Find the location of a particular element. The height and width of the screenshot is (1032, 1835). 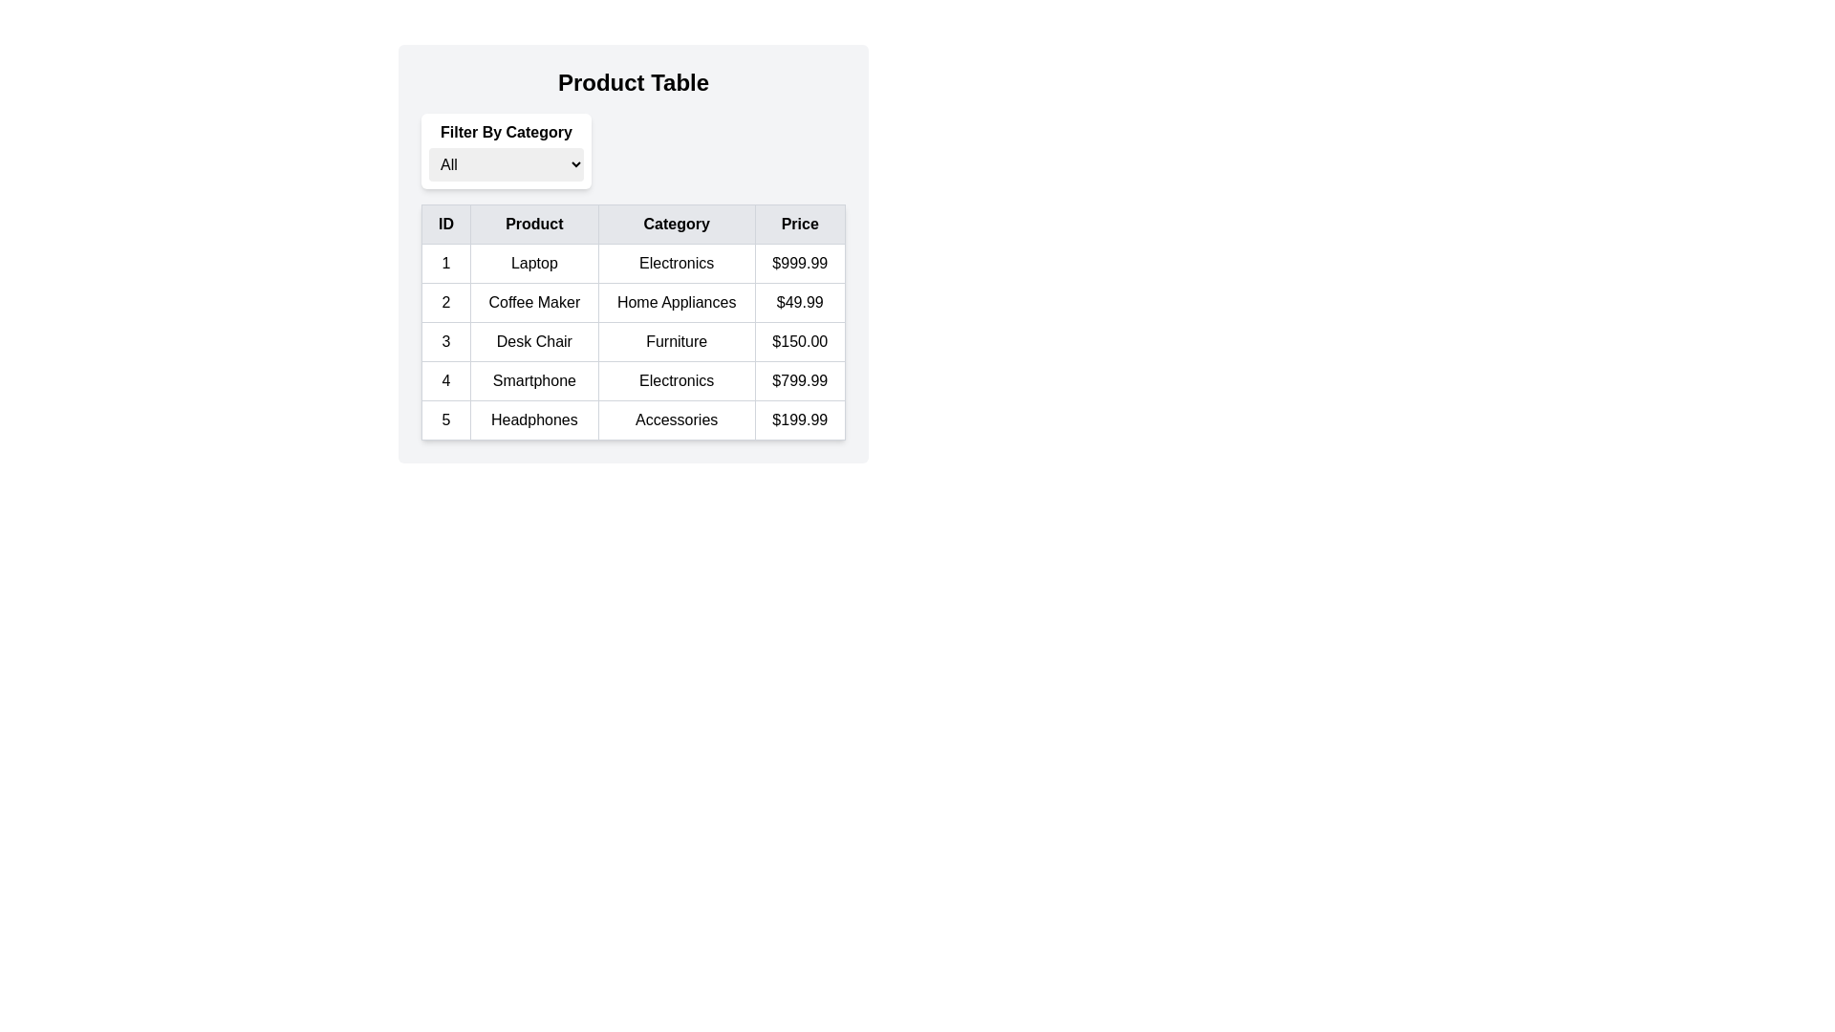

the price label displaying '$150.00', which is the rightmost item in the third row of the table under the 'Price' column is located at coordinates (800, 341).